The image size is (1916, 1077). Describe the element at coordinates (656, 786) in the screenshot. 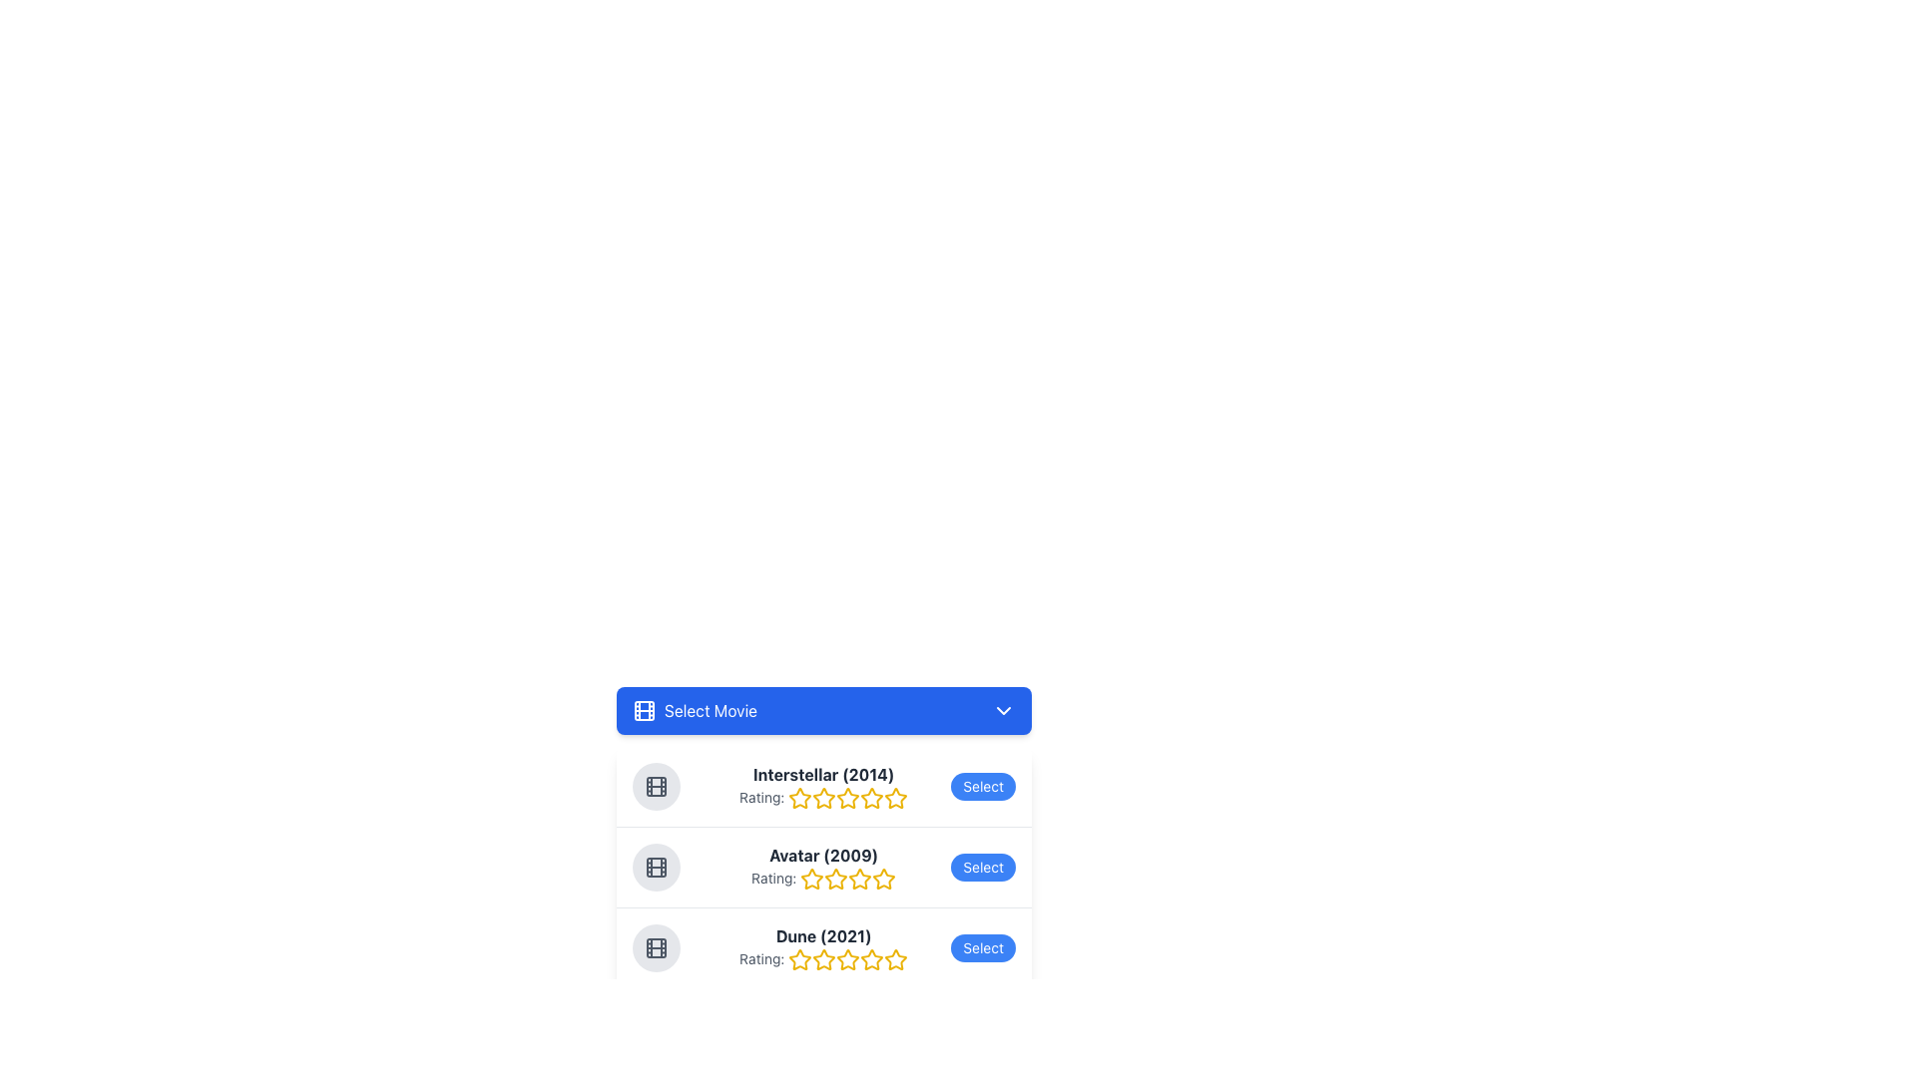

I see `the movie icon located to the left of the text 'Interstellar (2014)' in the first row of the list, which serves as a visual indicator for the movie` at that location.